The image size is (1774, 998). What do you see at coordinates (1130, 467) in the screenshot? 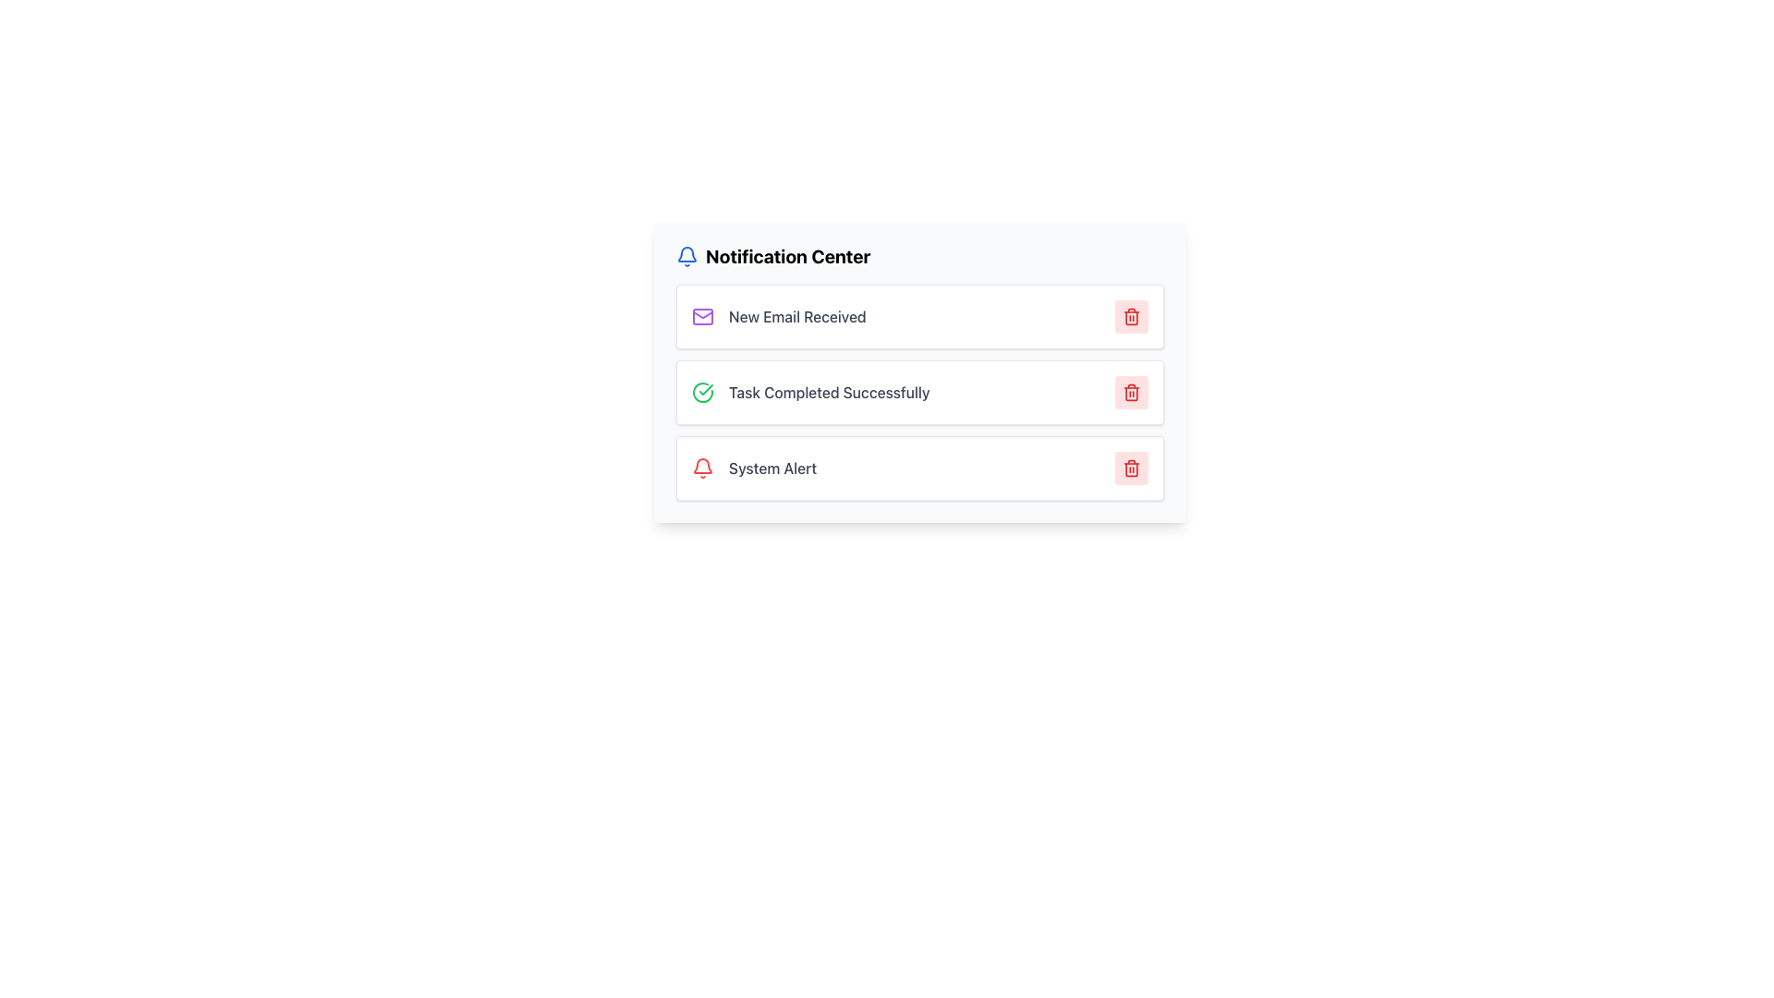
I see `the square-shaped red button with a trash can icon, located on the far right side of the 'System Alert' notification box to trigger its hover style` at bounding box center [1130, 467].